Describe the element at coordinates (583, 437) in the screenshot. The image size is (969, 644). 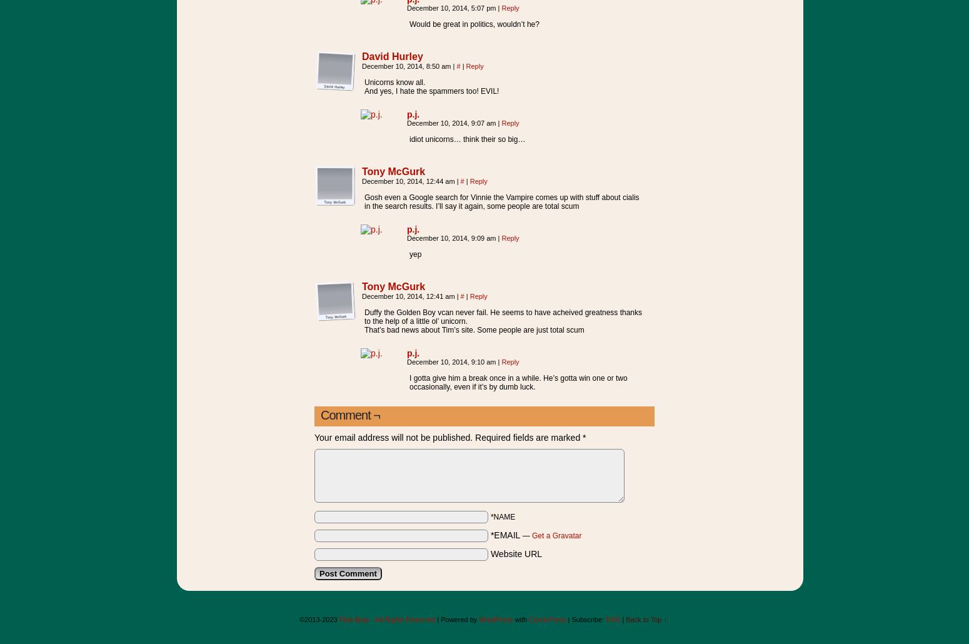
I see `'*'` at that location.